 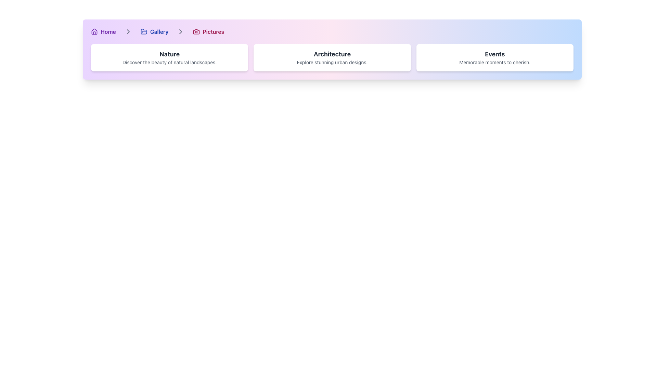 I want to click on the text label that reads 'Pictures' in the breadcrumb navigation bar, styled in pink and bold, located to the right of a camera icon, so click(x=213, y=31).